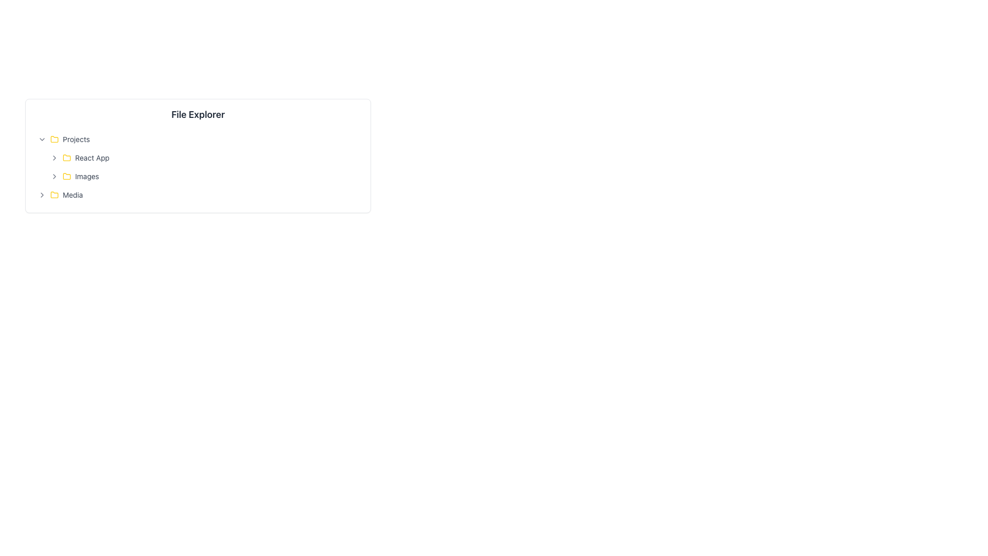 The width and height of the screenshot is (988, 556). What do you see at coordinates (41, 195) in the screenshot?
I see `the expandable/collapsible icon associated with the 'Media' item` at bounding box center [41, 195].